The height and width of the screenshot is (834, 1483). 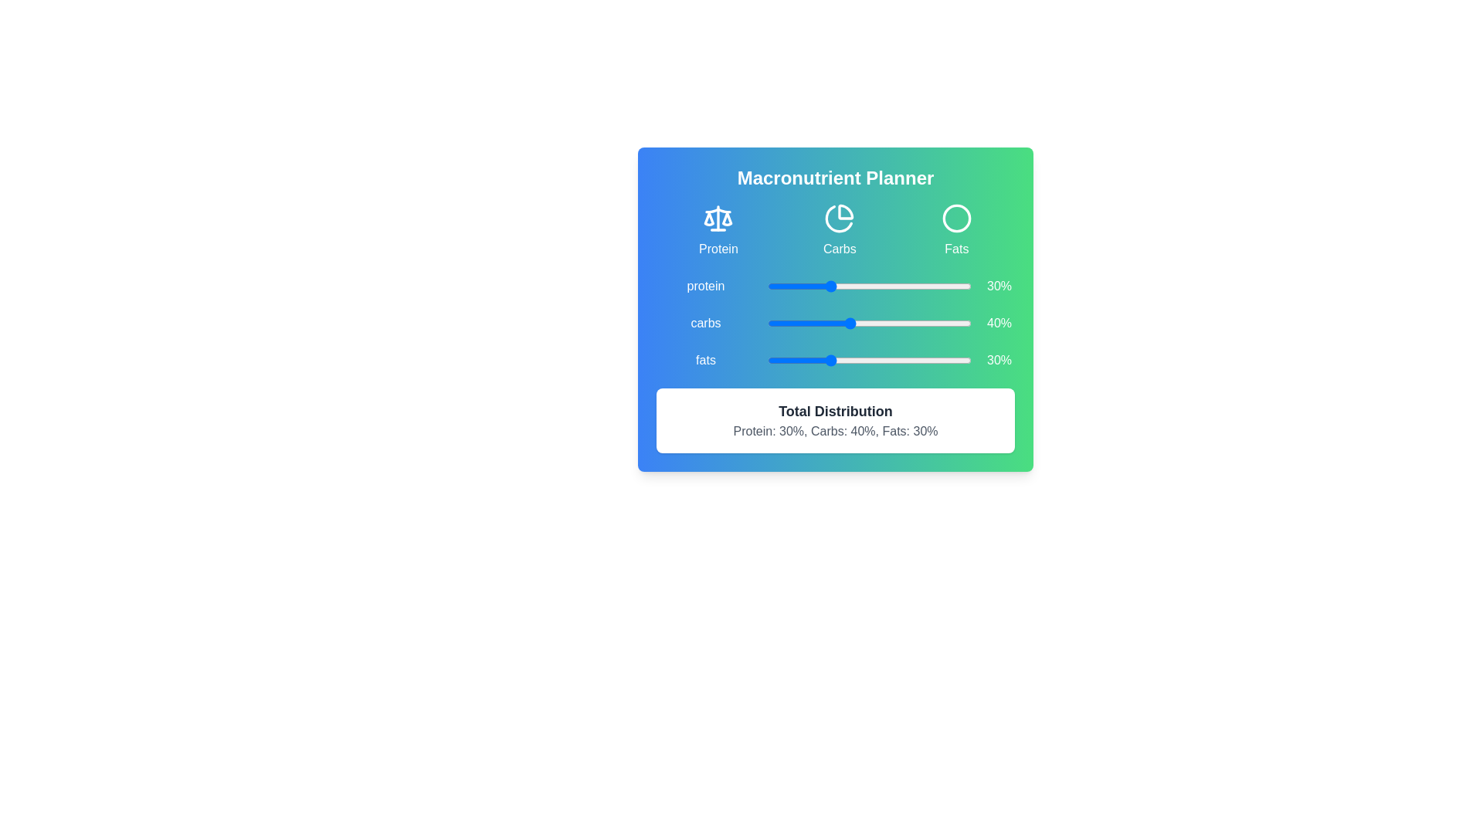 What do you see at coordinates (704, 323) in the screenshot?
I see `the text label that indicates the category of the associated slider bar for carbohydrate distribution, located to the left of the slider and above the percentage value '40%'` at bounding box center [704, 323].